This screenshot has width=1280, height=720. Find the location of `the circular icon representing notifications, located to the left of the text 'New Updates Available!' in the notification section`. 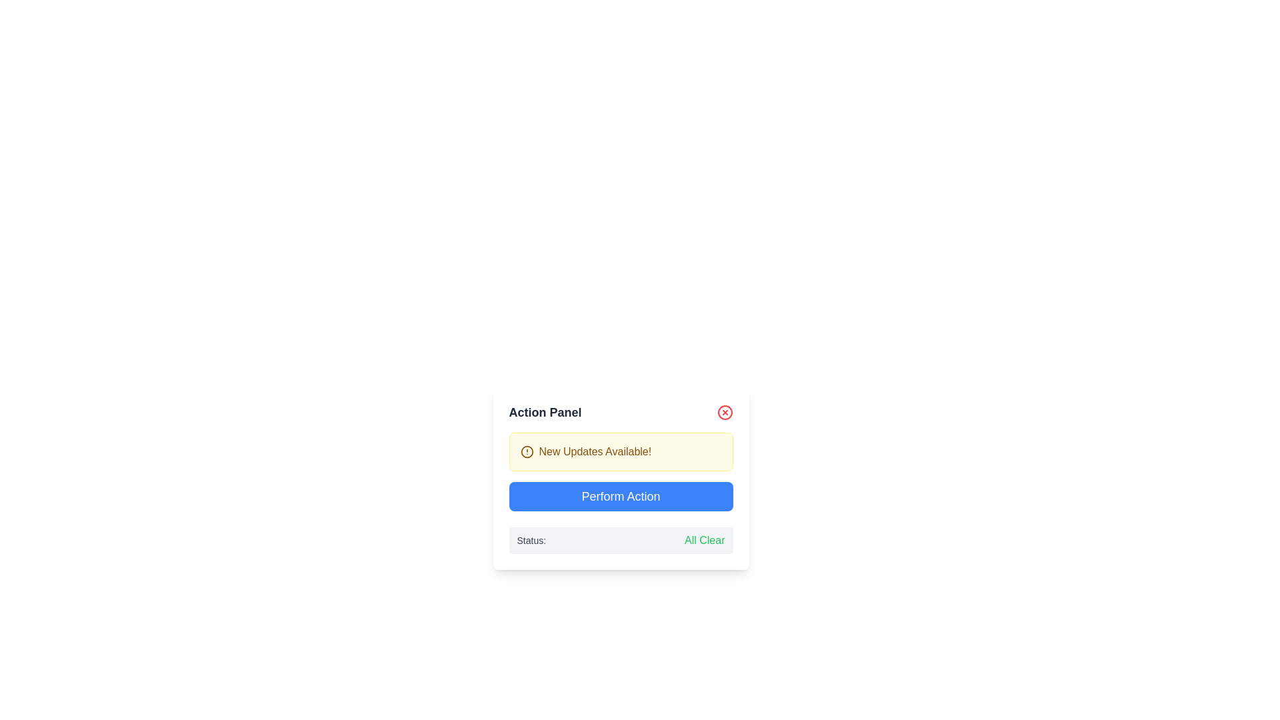

the circular icon representing notifications, located to the left of the text 'New Updates Available!' in the notification section is located at coordinates (526, 451).